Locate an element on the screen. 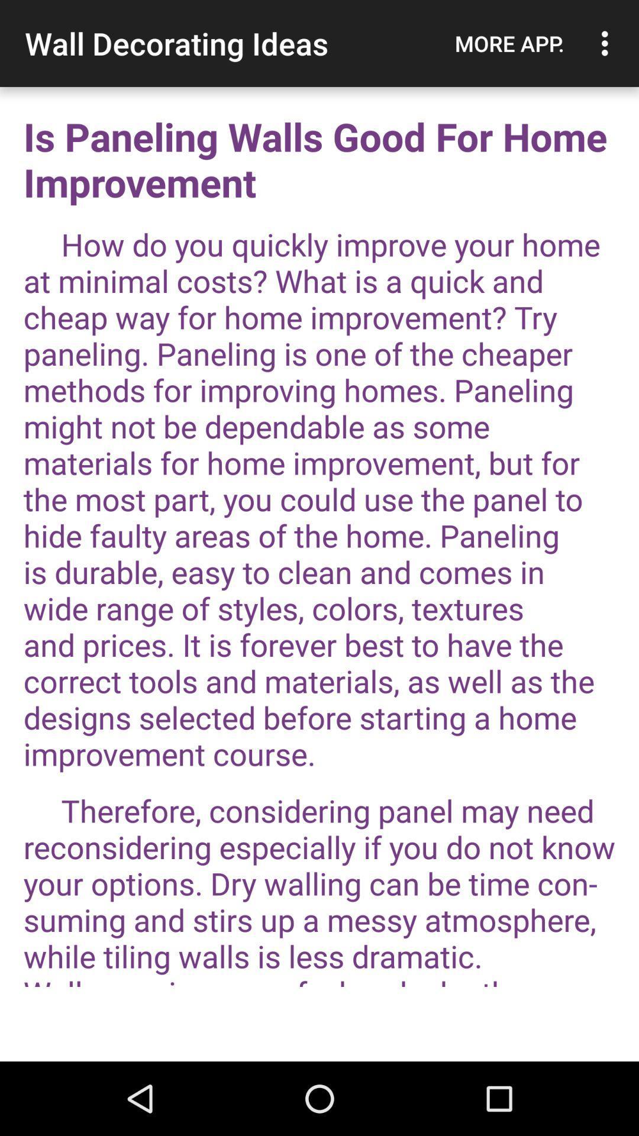 This screenshot has width=639, height=1136. the item to the right of the wall decorating ideas app is located at coordinates (509, 43).